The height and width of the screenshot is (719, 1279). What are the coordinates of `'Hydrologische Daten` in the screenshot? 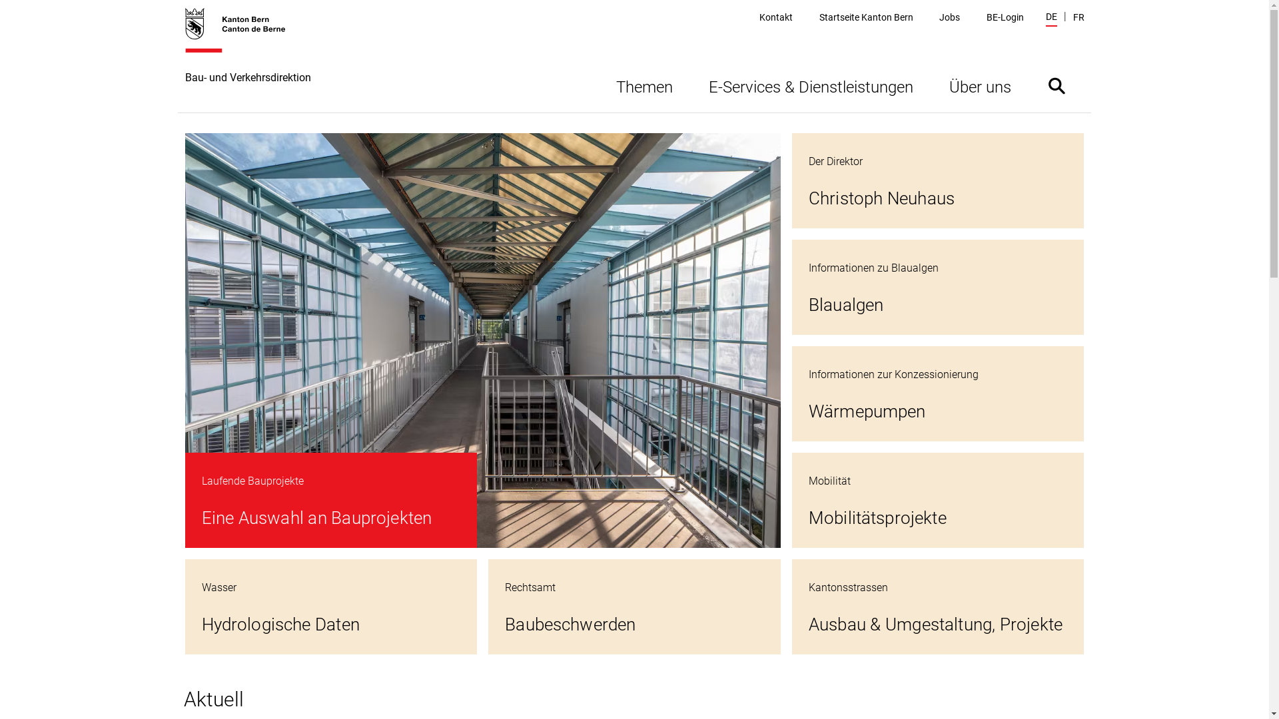 It's located at (331, 606).